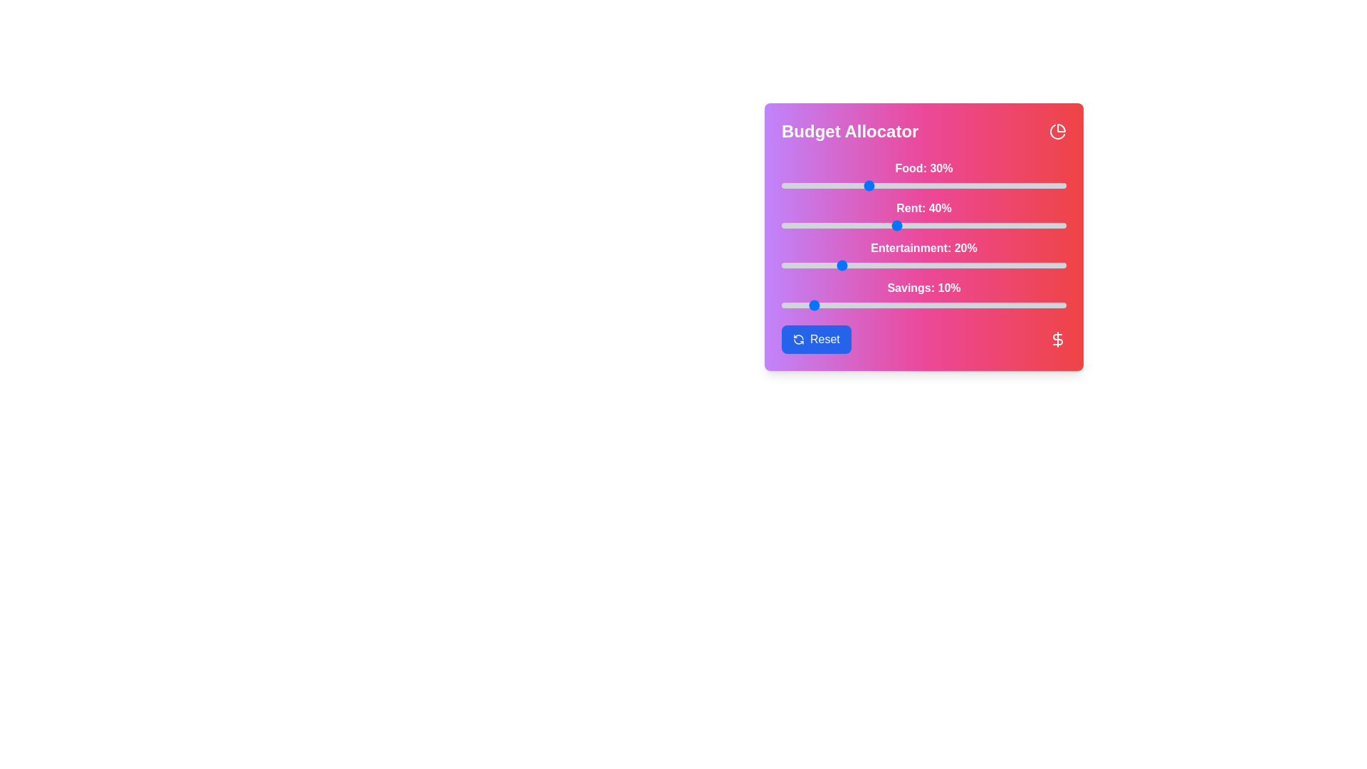 The width and height of the screenshot is (1367, 769). I want to click on the savings slider, so click(1003, 304).